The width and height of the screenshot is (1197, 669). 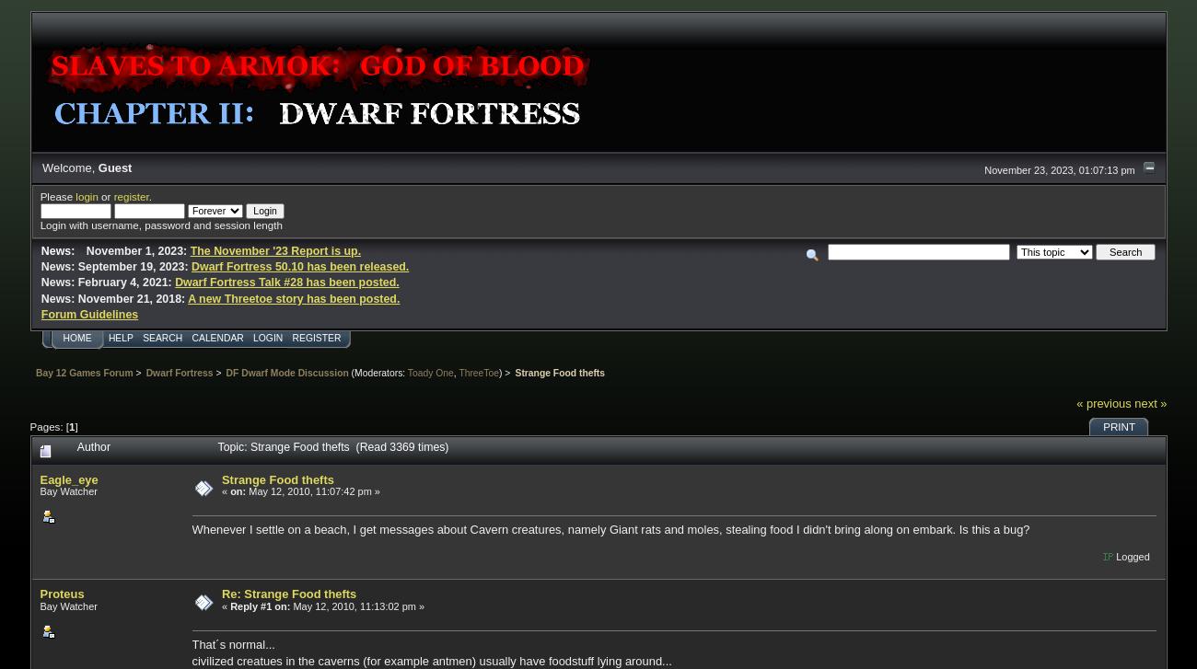 What do you see at coordinates (231, 643) in the screenshot?
I see `'That´s normal...'` at bounding box center [231, 643].